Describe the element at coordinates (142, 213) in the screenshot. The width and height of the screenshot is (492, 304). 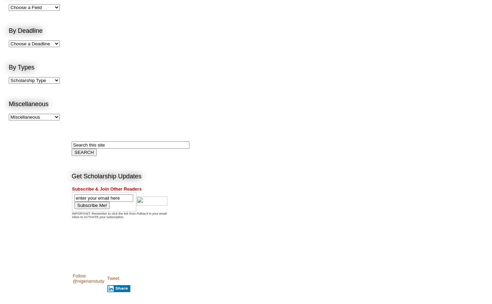
I see `'Follow.It'` at that location.